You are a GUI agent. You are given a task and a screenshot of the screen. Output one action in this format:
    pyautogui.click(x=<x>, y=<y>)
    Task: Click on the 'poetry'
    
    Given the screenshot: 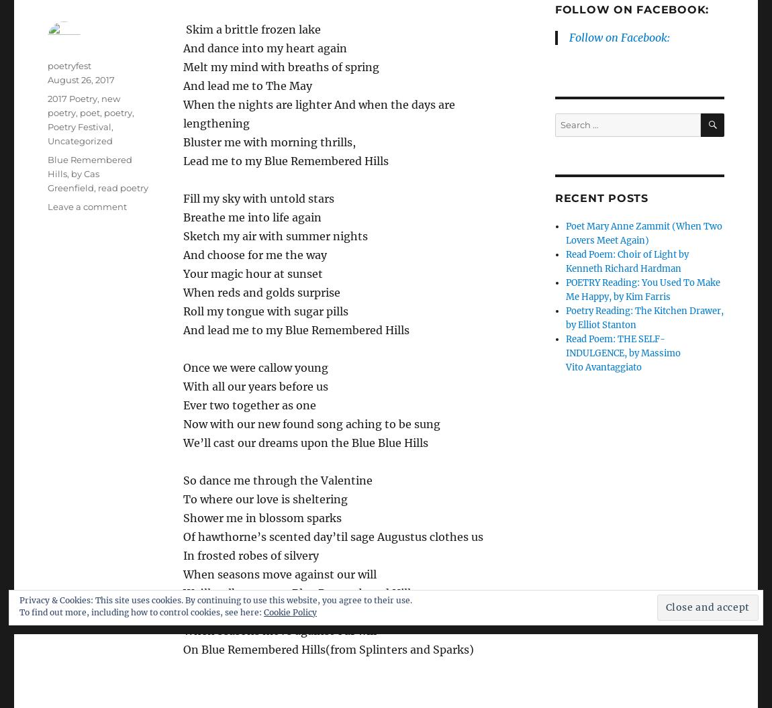 What is the action you would take?
    pyautogui.click(x=117, y=112)
    